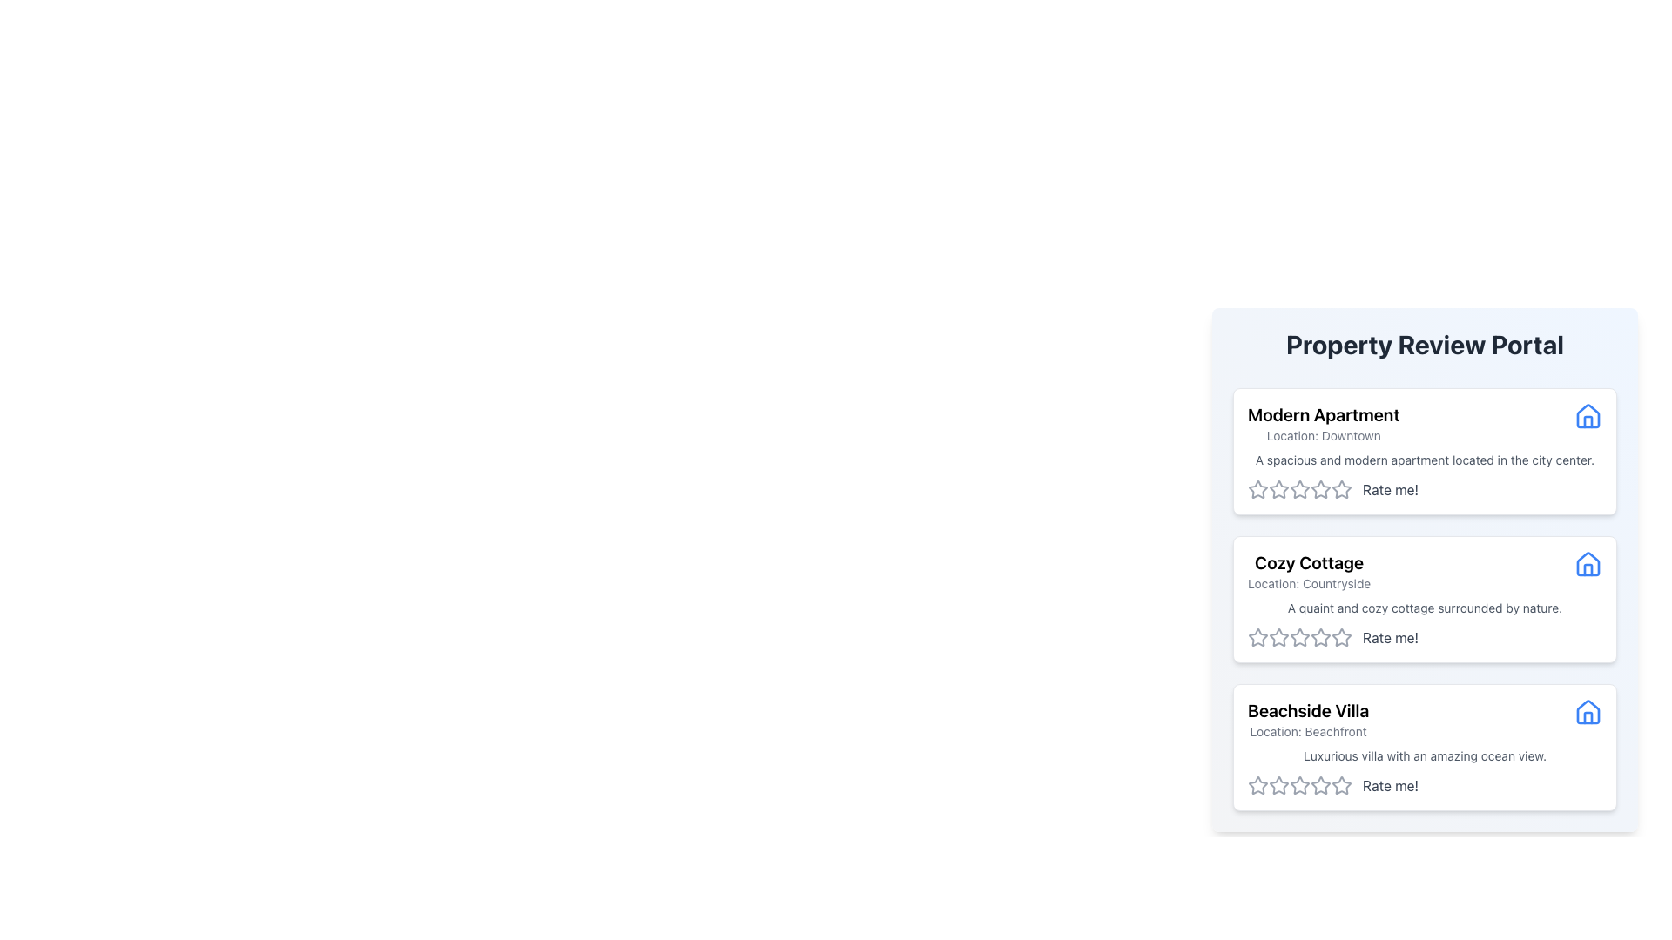 Image resolution: width=1672 pixels, height=940 pixels. Describe the element at coordinates (1390, 785) in the screenshot. I see `the text label displaying 'Rate me!' in dark gray color, located to the right of the star icons in the rating panel of the 'Beachside Villa' property card` at that location.